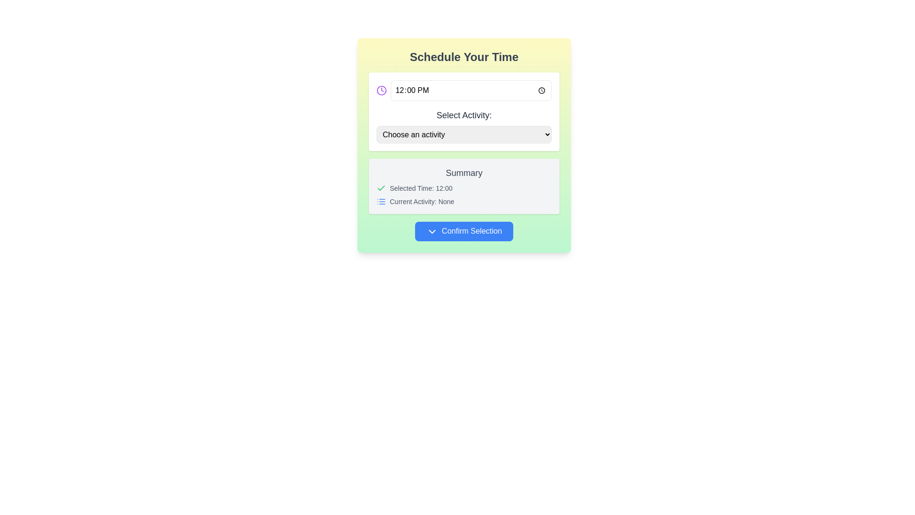 This screenshot has width=915, height=515. What do you see at coordinates (381, 188) in the screenshot?
I see `the checkmark icon that visually indicates confirmation of the selected time, located in the summary section before the text label 'Selected Time: 12:00'` at bounding box center [381, 188].